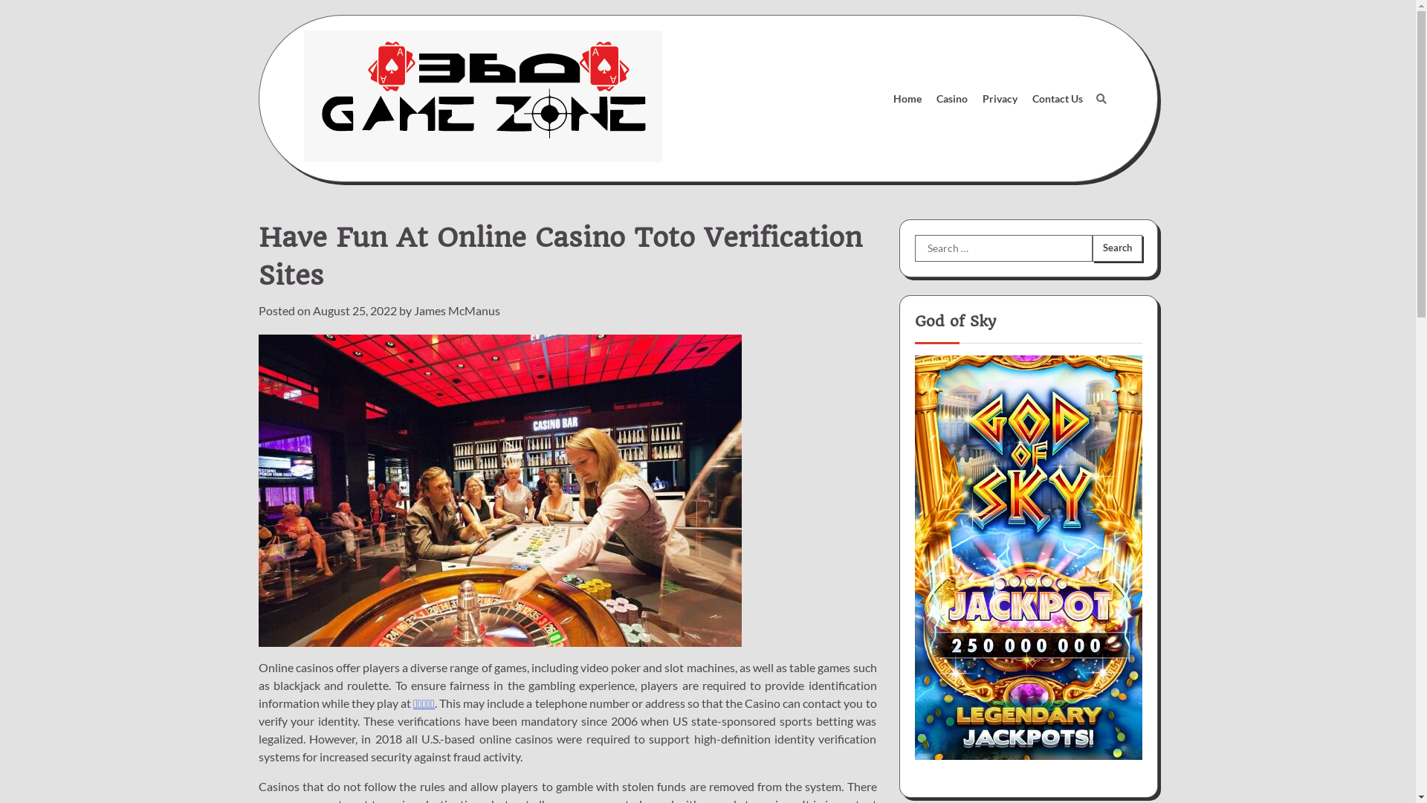  I want to click on 'Contact Us', so click(1023, 98).